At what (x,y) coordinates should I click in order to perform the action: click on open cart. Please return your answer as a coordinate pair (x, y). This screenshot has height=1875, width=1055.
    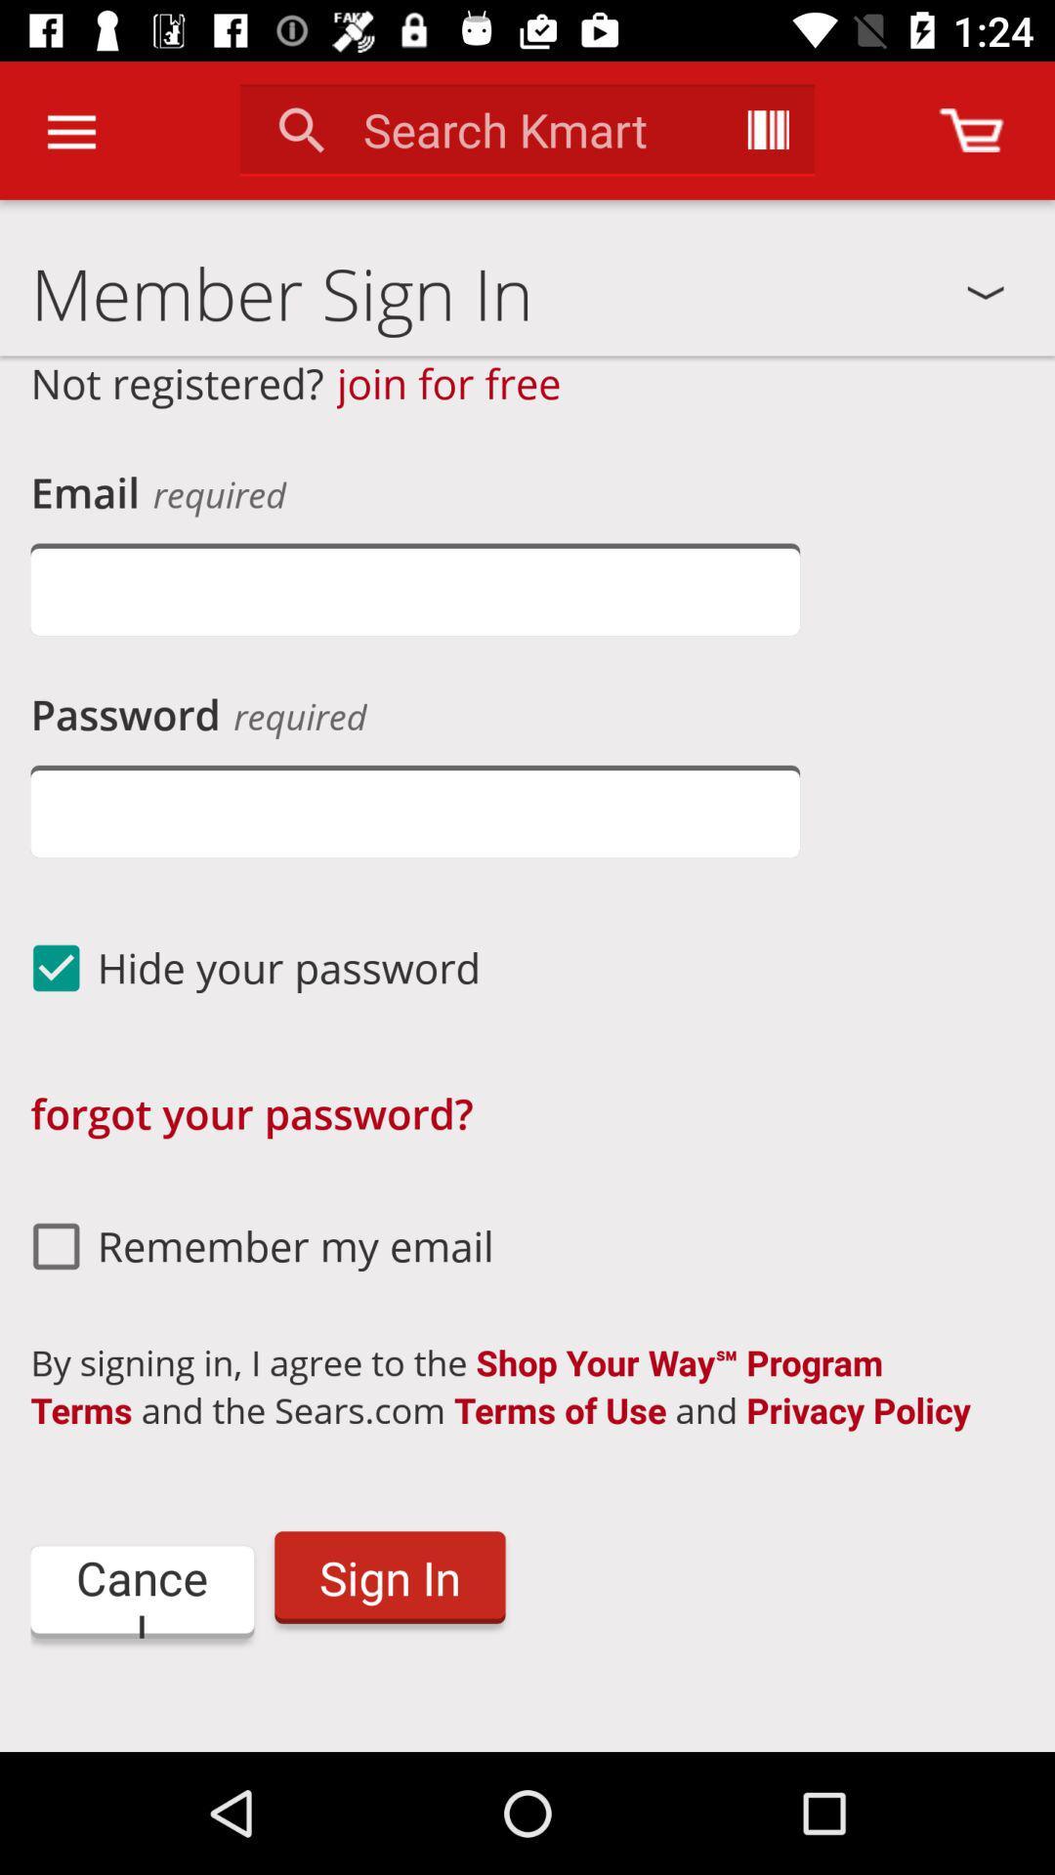
    Looking at the image, I should click on (971, 129).